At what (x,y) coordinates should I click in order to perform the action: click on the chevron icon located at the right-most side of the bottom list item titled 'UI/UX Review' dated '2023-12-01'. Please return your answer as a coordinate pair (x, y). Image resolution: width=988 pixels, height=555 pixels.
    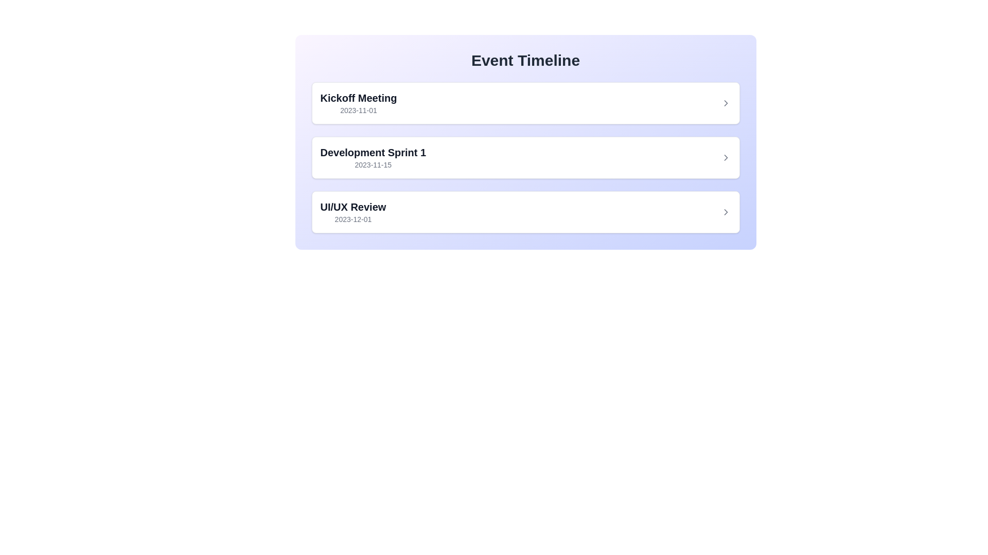
    Looking at the image, I should click on (725, 211).